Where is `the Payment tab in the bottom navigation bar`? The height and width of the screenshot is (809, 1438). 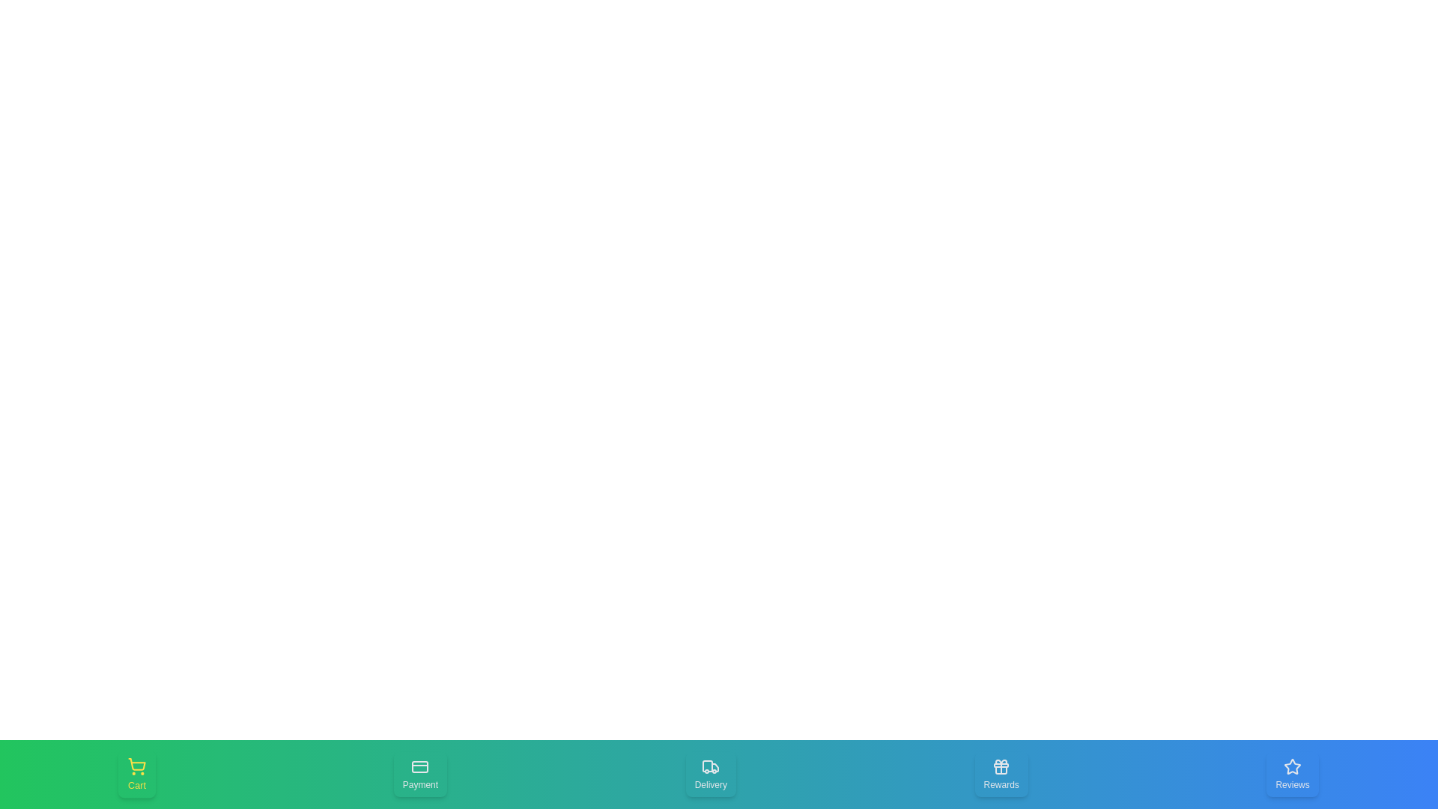
the Payment tab in the bottom navigation bar is located at coordinates (419, 774).